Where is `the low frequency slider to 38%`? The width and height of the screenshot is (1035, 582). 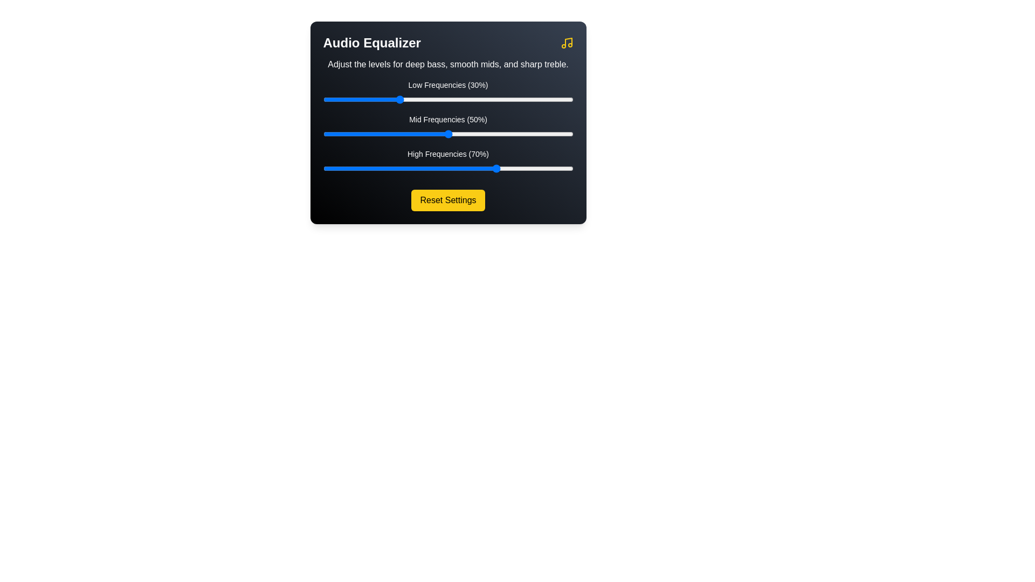 the low frequency slider to 38% is located at coordinates (417, 100).